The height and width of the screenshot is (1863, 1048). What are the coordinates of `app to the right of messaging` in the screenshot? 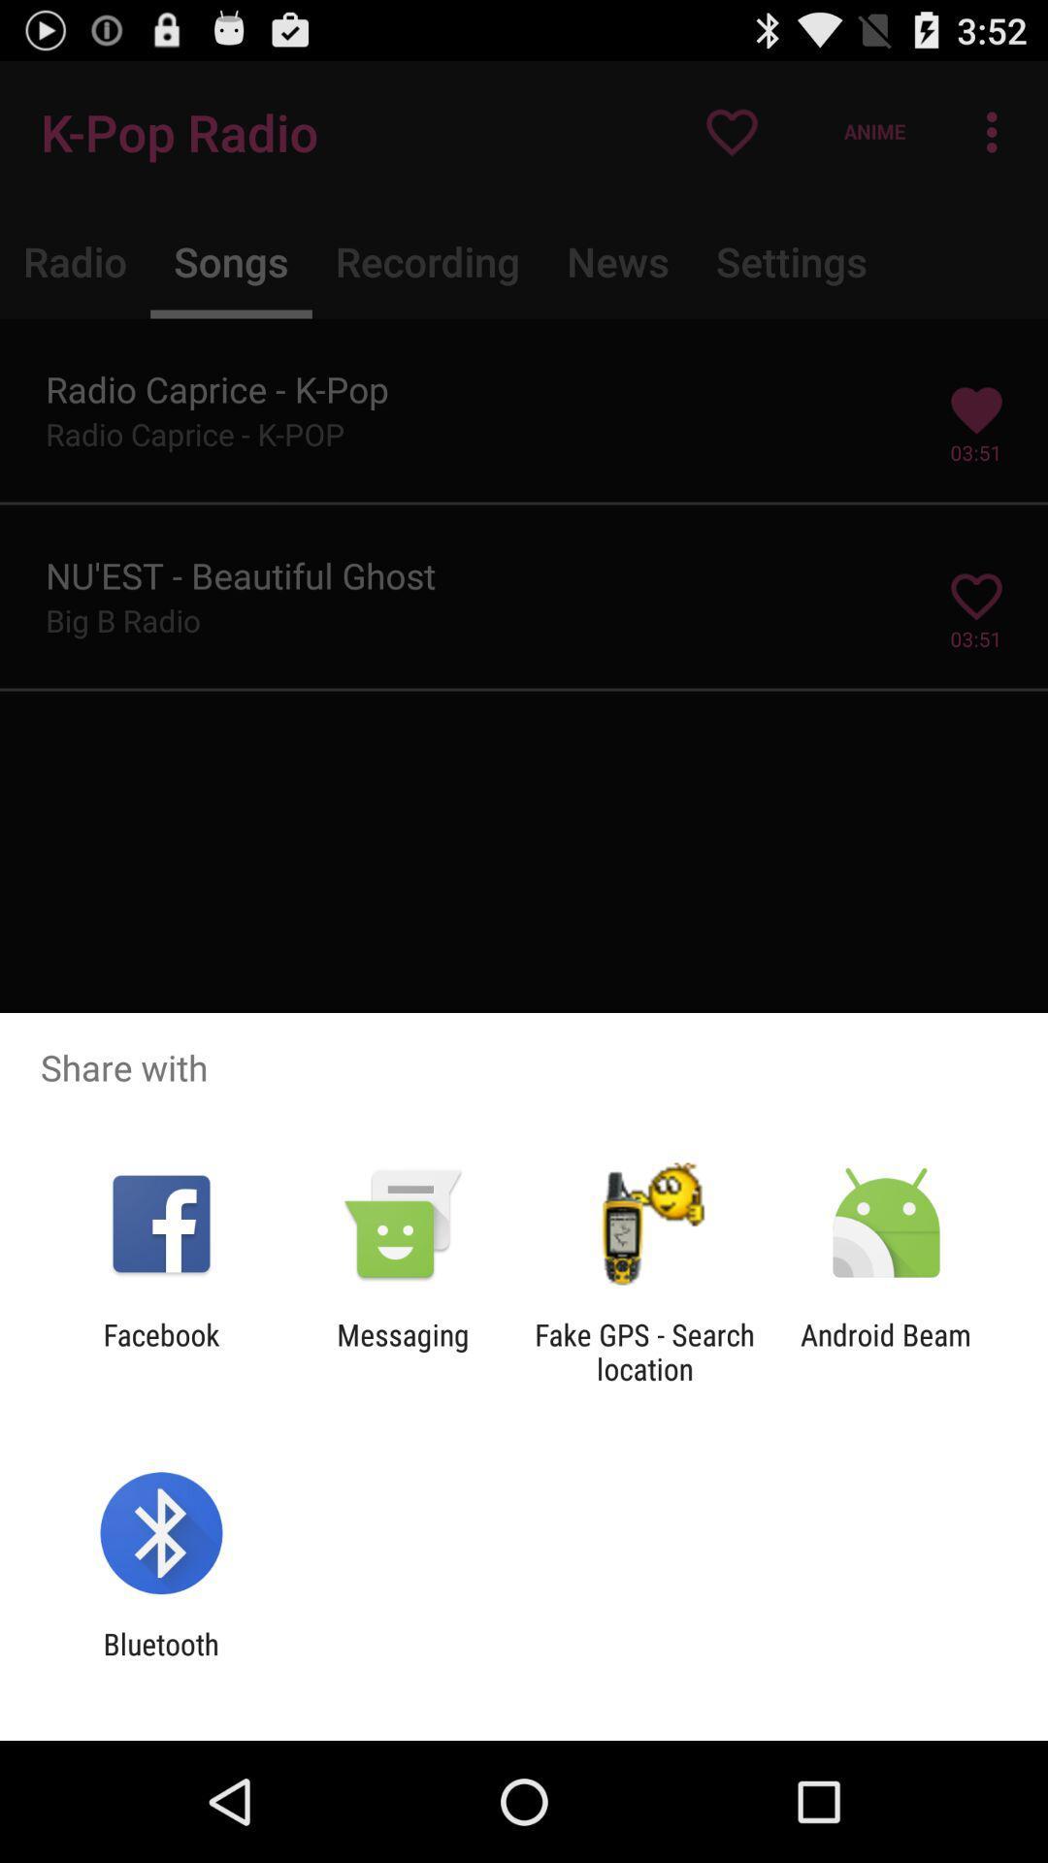 It's located at (644, 1351).